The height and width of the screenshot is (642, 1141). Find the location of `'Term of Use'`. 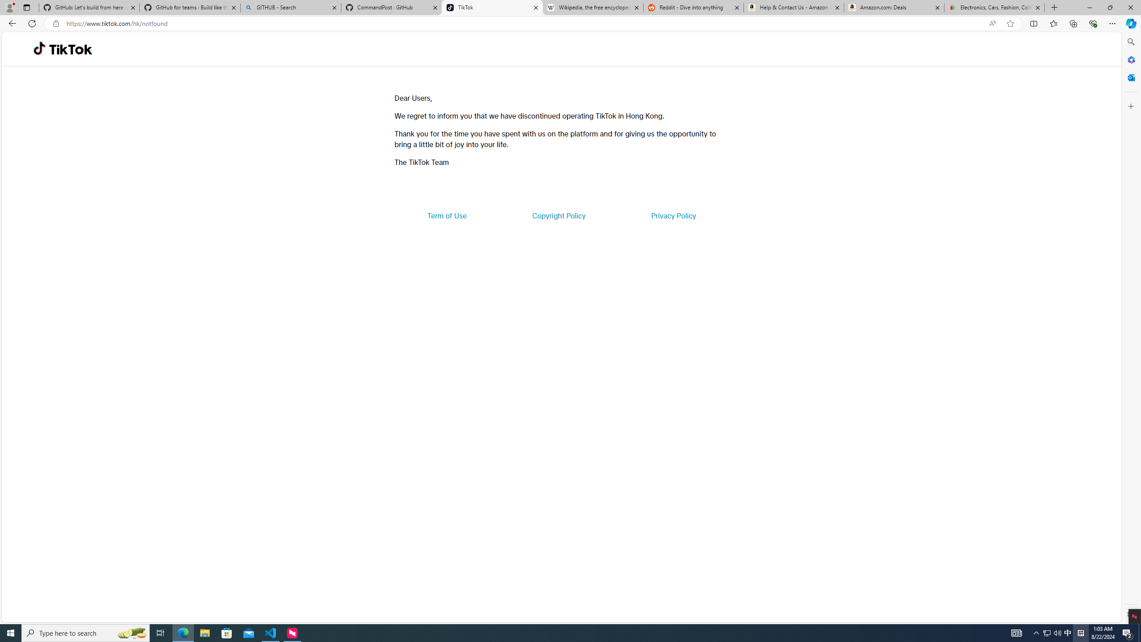

'Term of Use' is located at coordinates (447, 215).